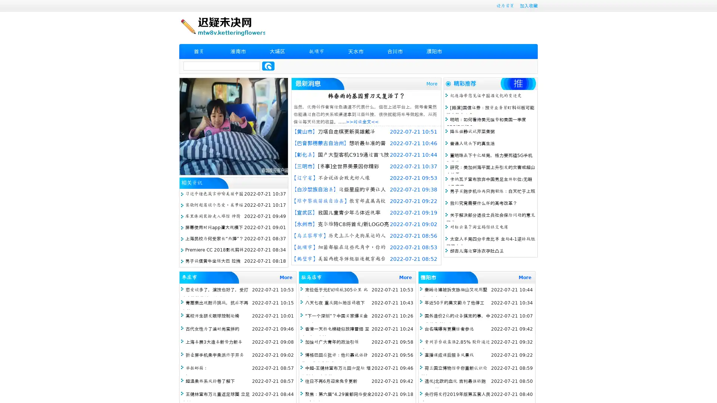 Image resolution: width=717 pixels, height=403 pixels. I want to click on Search, so click(268, 66).